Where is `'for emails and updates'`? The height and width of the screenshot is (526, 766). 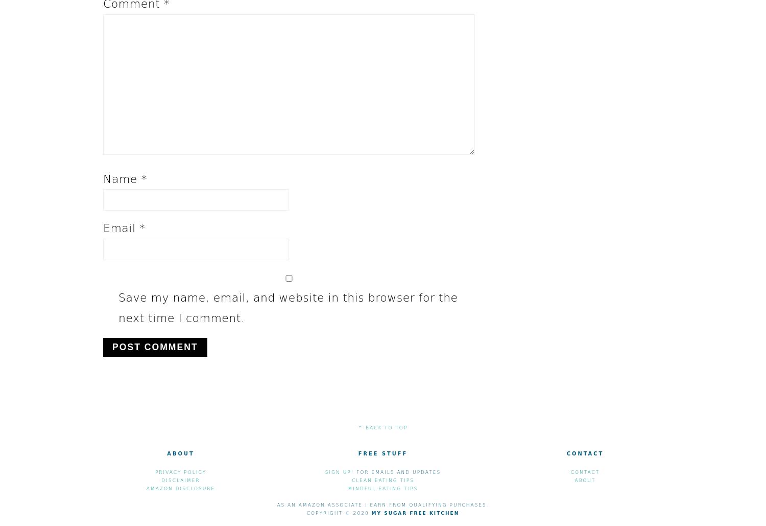
'for emails and updates' is located at coordinates (397, 472).